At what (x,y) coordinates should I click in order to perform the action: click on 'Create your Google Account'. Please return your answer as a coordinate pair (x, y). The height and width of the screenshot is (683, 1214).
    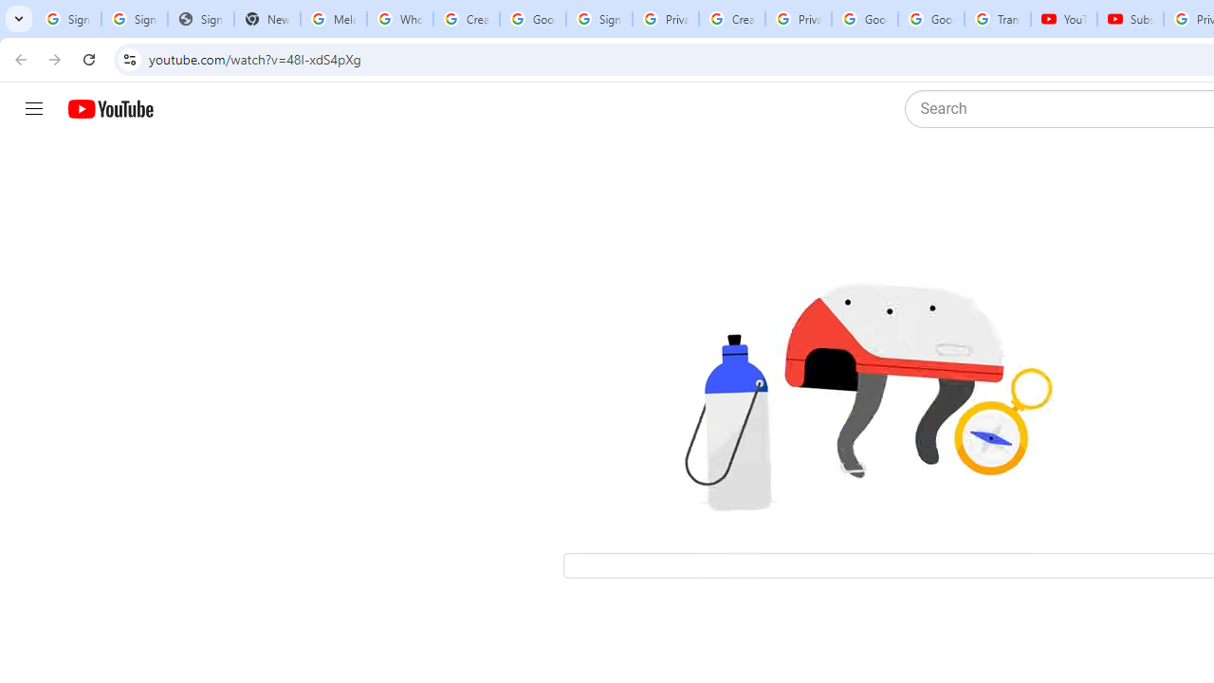
    Looking at the image, I should click on (467, 19).